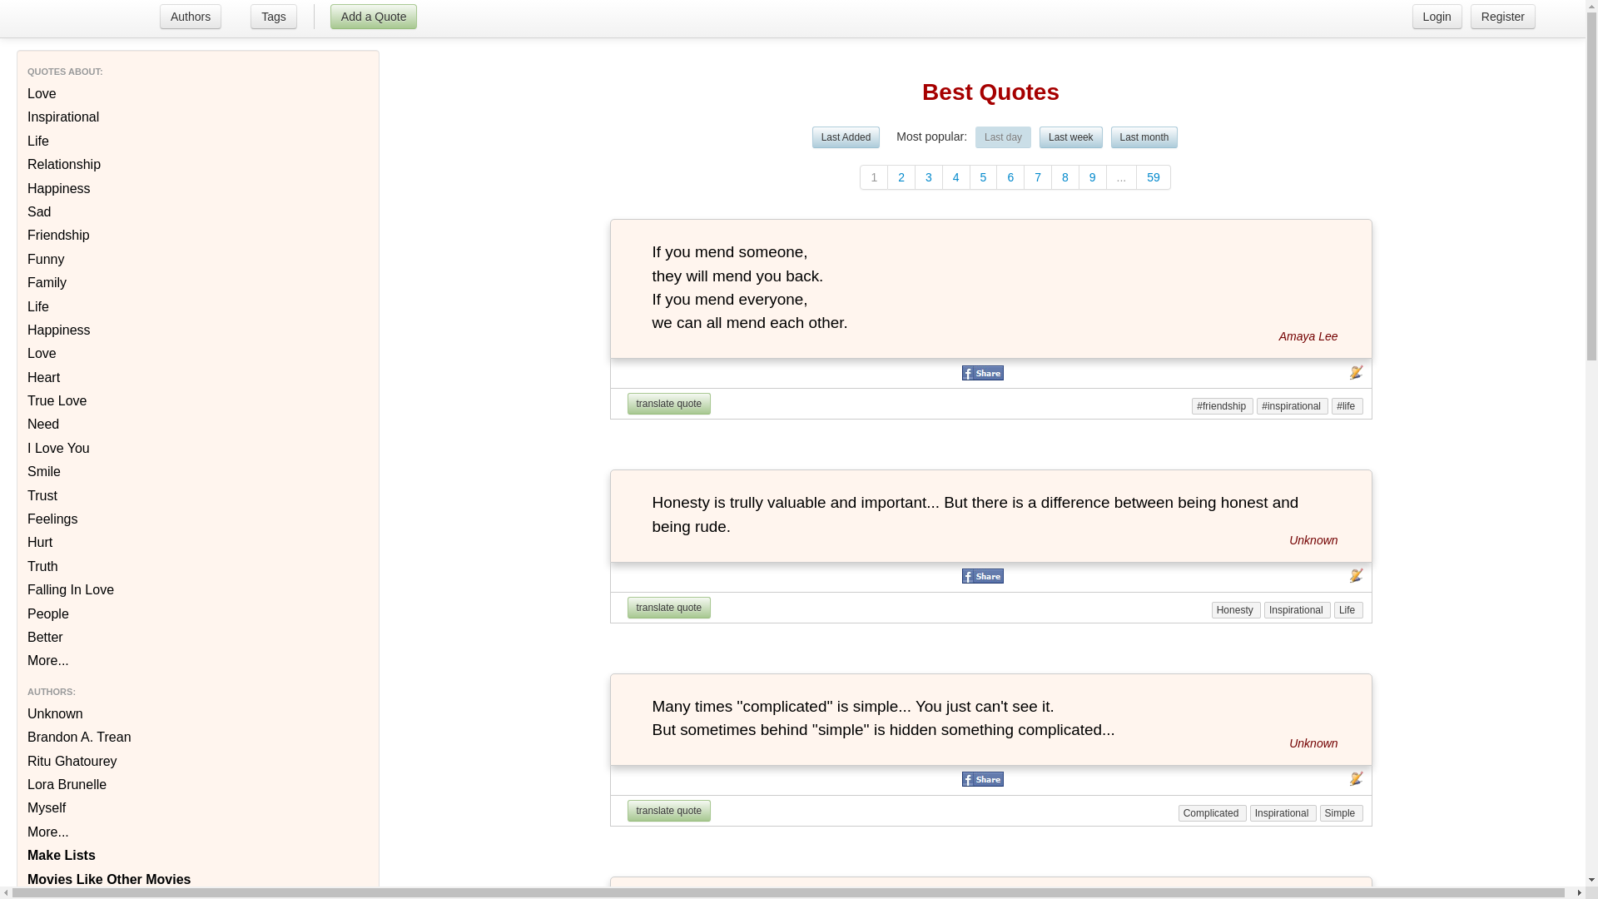 The height and width of the screenshot is (899, 1598). I want to click on '...', so click(1122, 176).